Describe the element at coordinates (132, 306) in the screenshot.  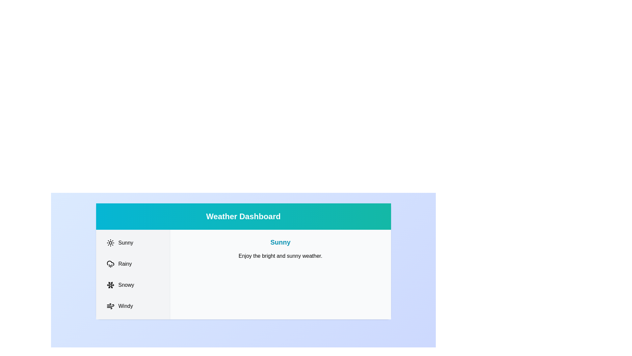
I see `the Windy tab to switch to it` at that location.